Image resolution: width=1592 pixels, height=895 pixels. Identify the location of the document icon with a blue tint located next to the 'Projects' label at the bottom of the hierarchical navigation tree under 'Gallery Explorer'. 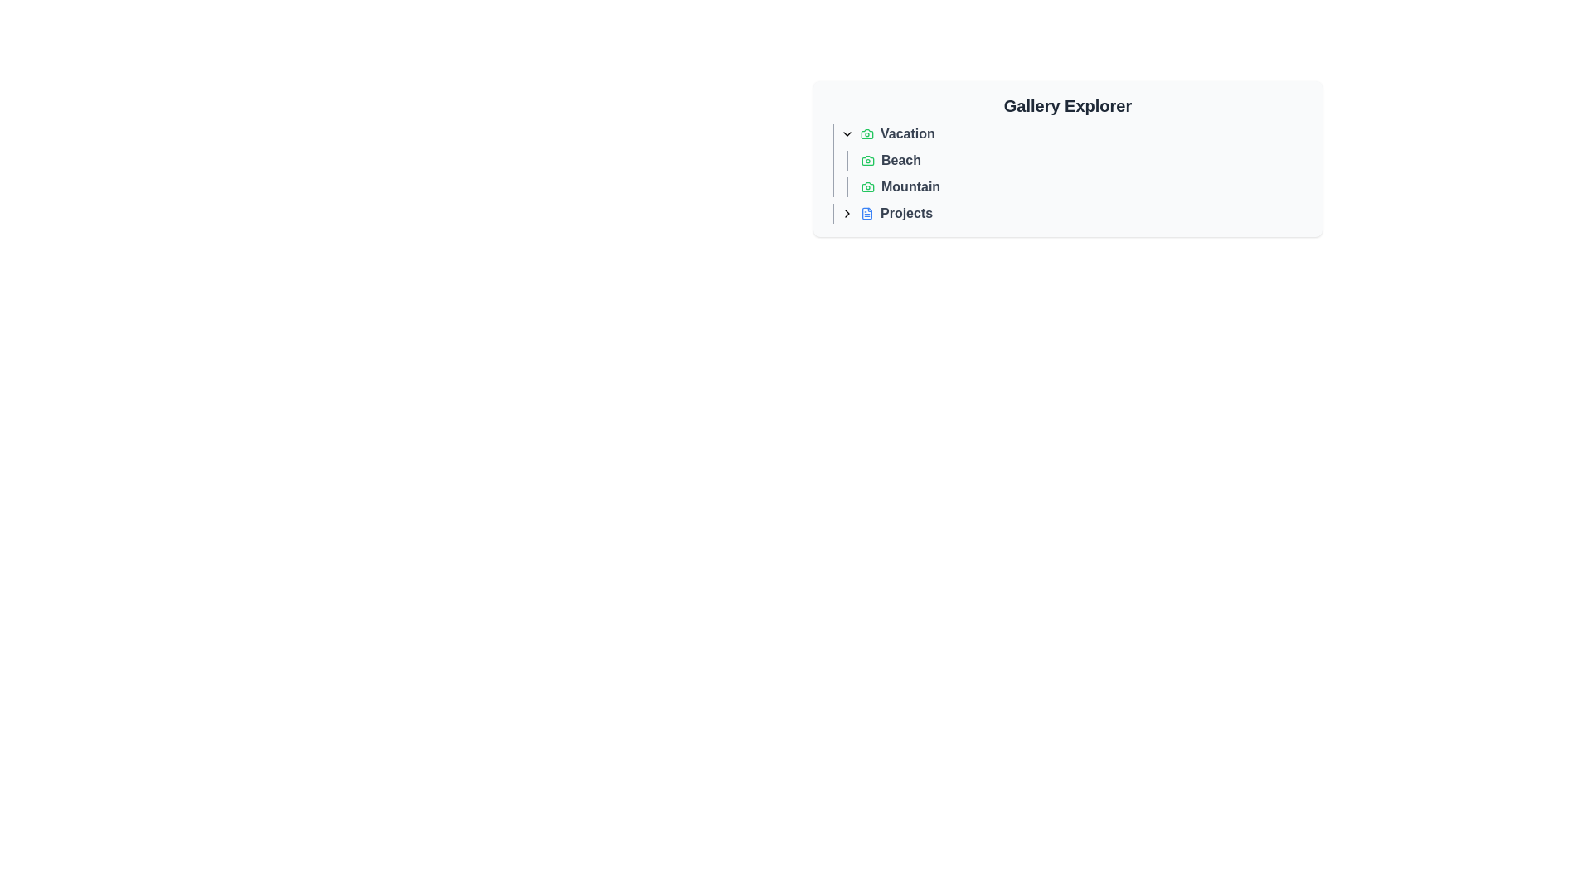
(866, 212).